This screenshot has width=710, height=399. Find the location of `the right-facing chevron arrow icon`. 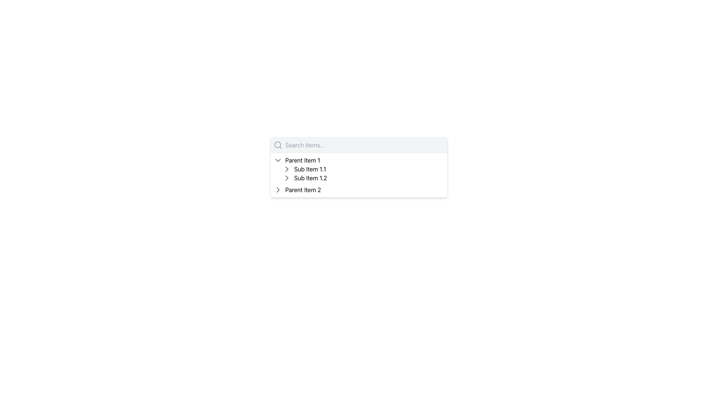

the right-facing chevron arrow icon is located at coordinates (286, 169).